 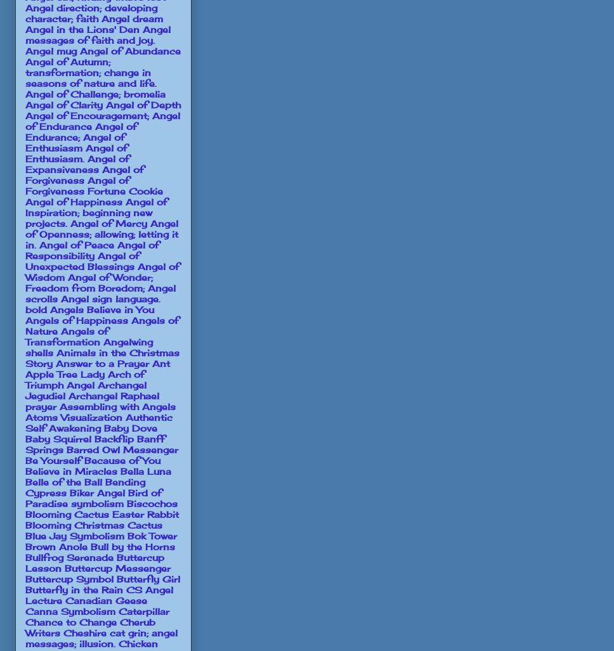 What do you see at coordinates (69, 556) in the screenshot?
I see `'Bullfrog Serenade'` at bounding box center [69, 556].